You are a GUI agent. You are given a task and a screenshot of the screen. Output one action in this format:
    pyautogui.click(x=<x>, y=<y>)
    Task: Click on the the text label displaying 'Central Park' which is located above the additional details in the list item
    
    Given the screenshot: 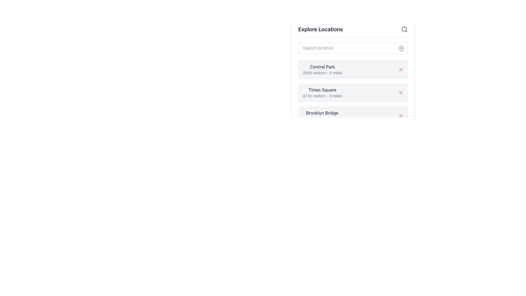 What is the action you would take?
    pyautogui.click(x=322, y=66)
    